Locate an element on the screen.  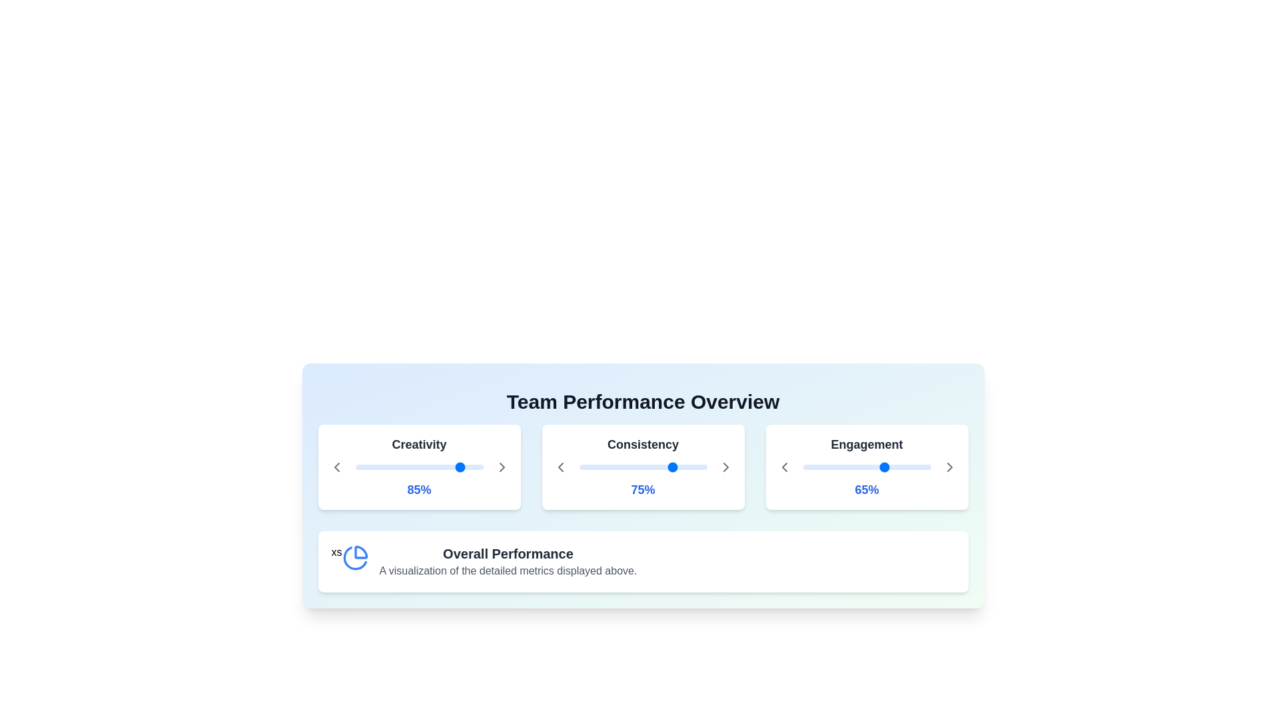
the slider is located at coordinates (376, 467).